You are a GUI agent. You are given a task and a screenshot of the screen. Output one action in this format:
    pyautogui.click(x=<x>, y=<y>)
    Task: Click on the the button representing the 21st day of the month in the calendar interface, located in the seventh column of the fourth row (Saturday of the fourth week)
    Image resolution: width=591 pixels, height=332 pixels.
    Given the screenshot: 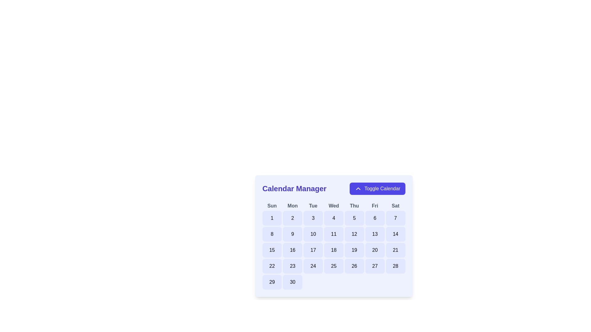 What is the action you would take?
    pyautogui.click(x=396, y=250)
    